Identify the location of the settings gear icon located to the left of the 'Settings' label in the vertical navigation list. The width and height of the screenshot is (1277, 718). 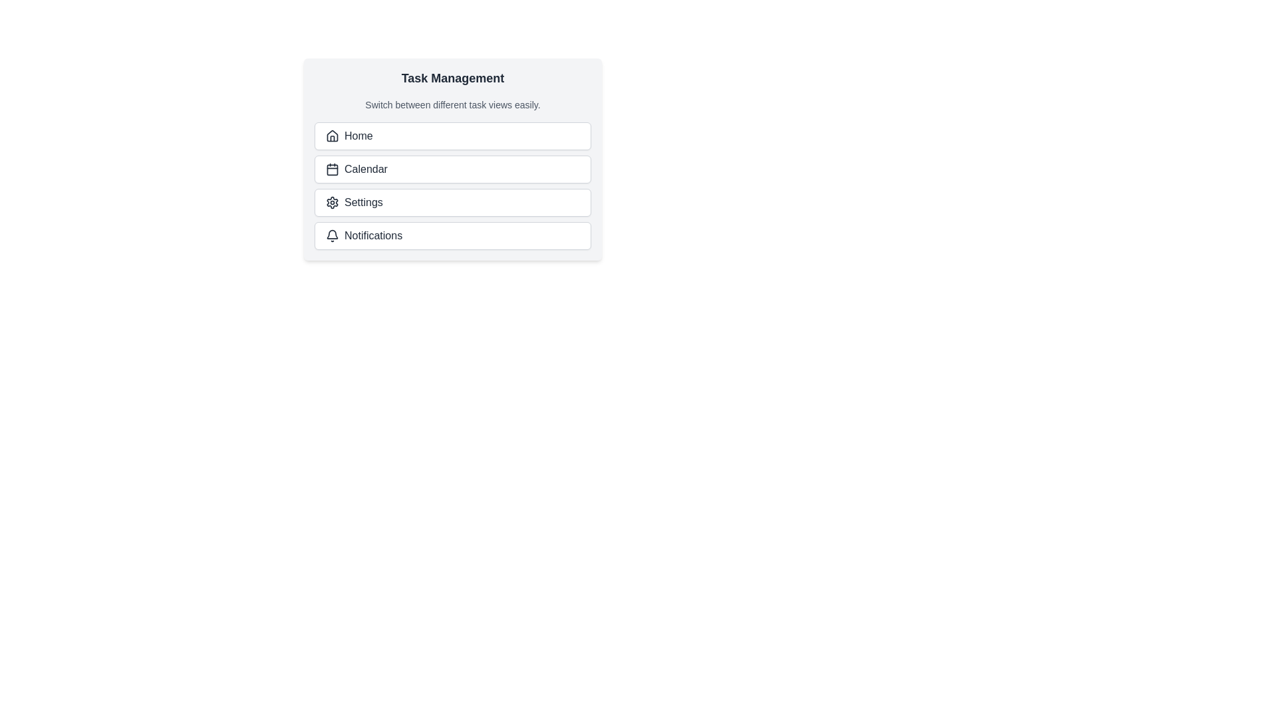
(332, 202).